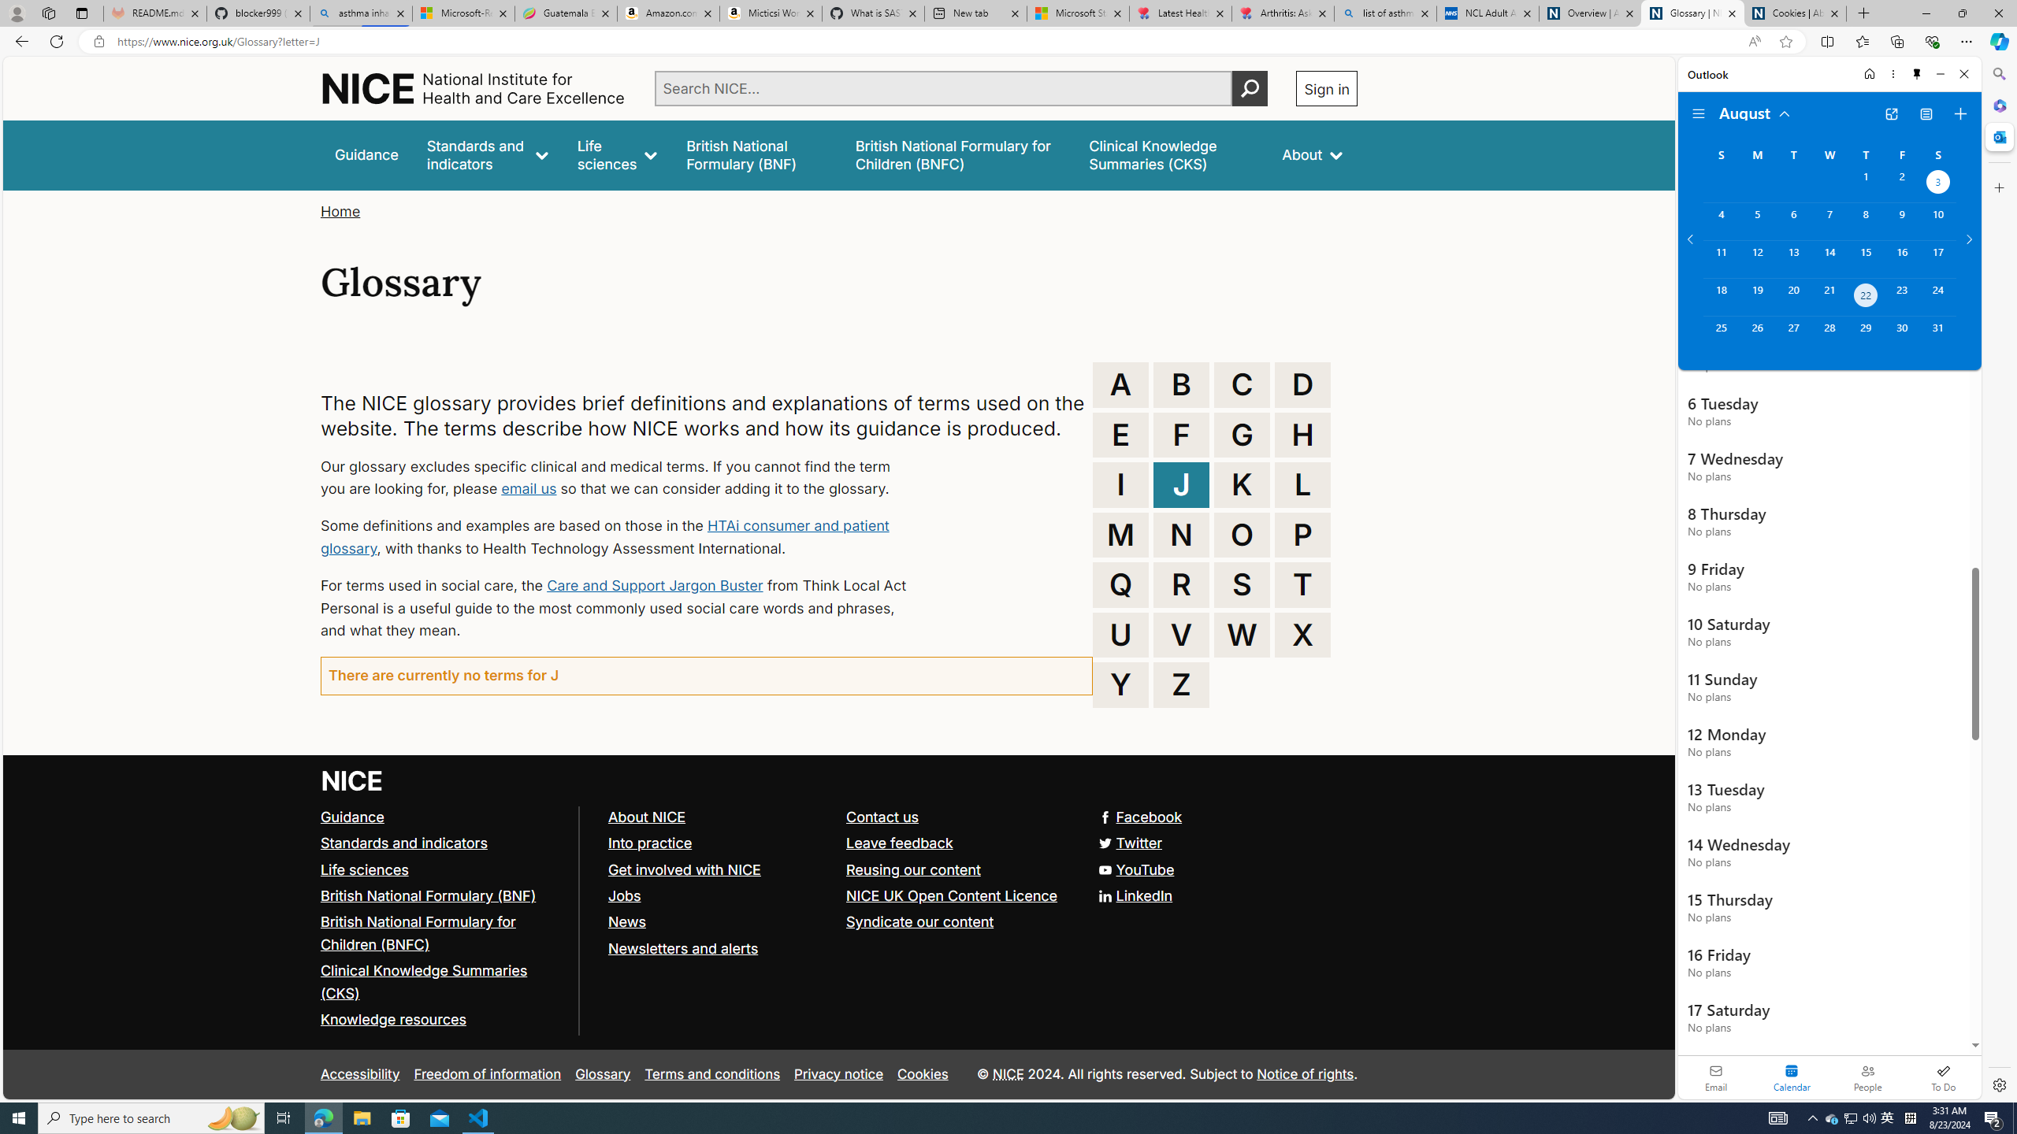 The width and height of the screenshot is (2017, 1134). I want to click on 'Sunday, August 11, 2024. ', so click(1721, 259).